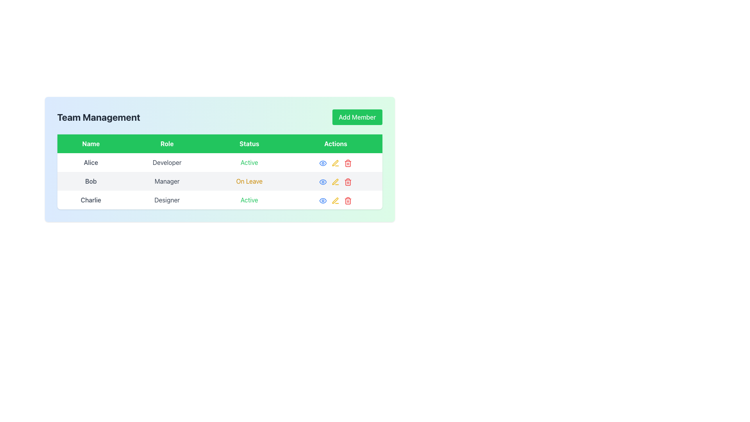 The width and height of the screenshot is (750, 422). What do you see at coordinates (249, 181) in the screenshot?
I see `the Text Label indicating Bob's leave status in the 'Status' column of the table under 'Team Management'` at bounding box center [249, 181].